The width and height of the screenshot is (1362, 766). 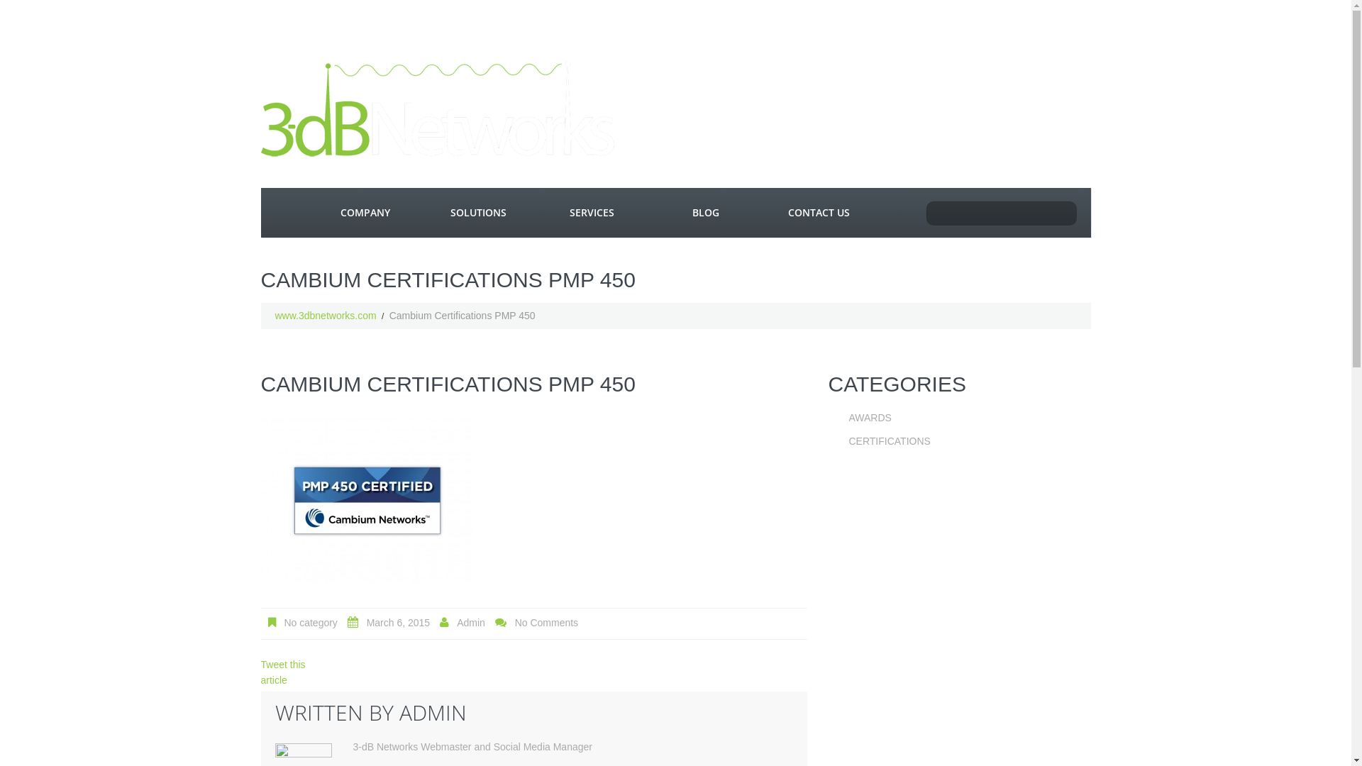 I want to click on 'BLOG', so click(x=705, y=213).